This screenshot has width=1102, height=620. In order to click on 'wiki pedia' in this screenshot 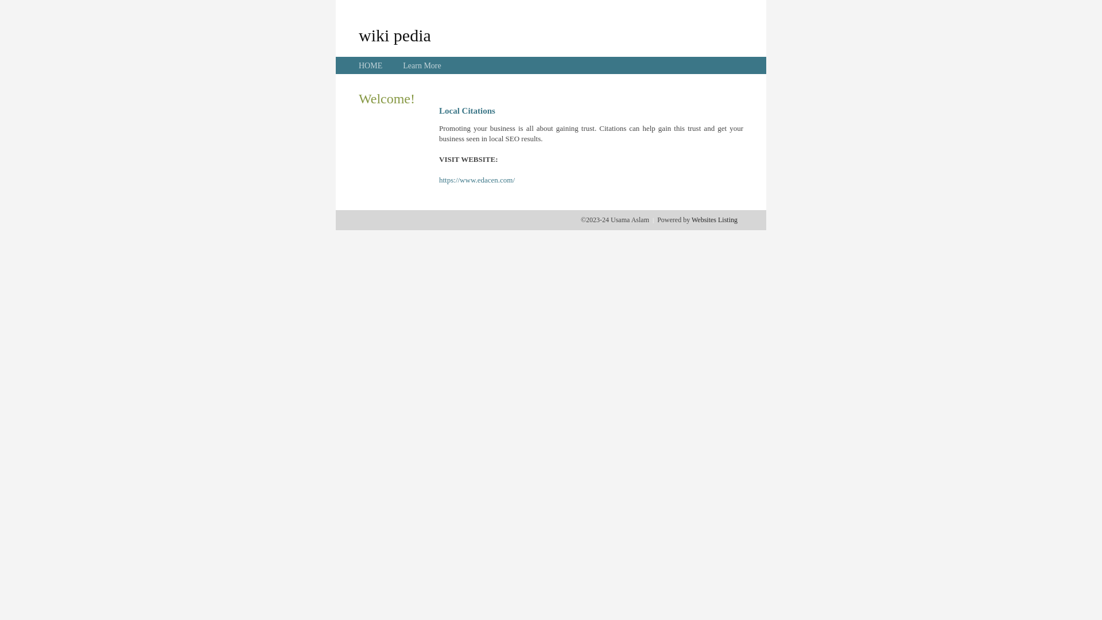, I will do `click(394, 34)`.